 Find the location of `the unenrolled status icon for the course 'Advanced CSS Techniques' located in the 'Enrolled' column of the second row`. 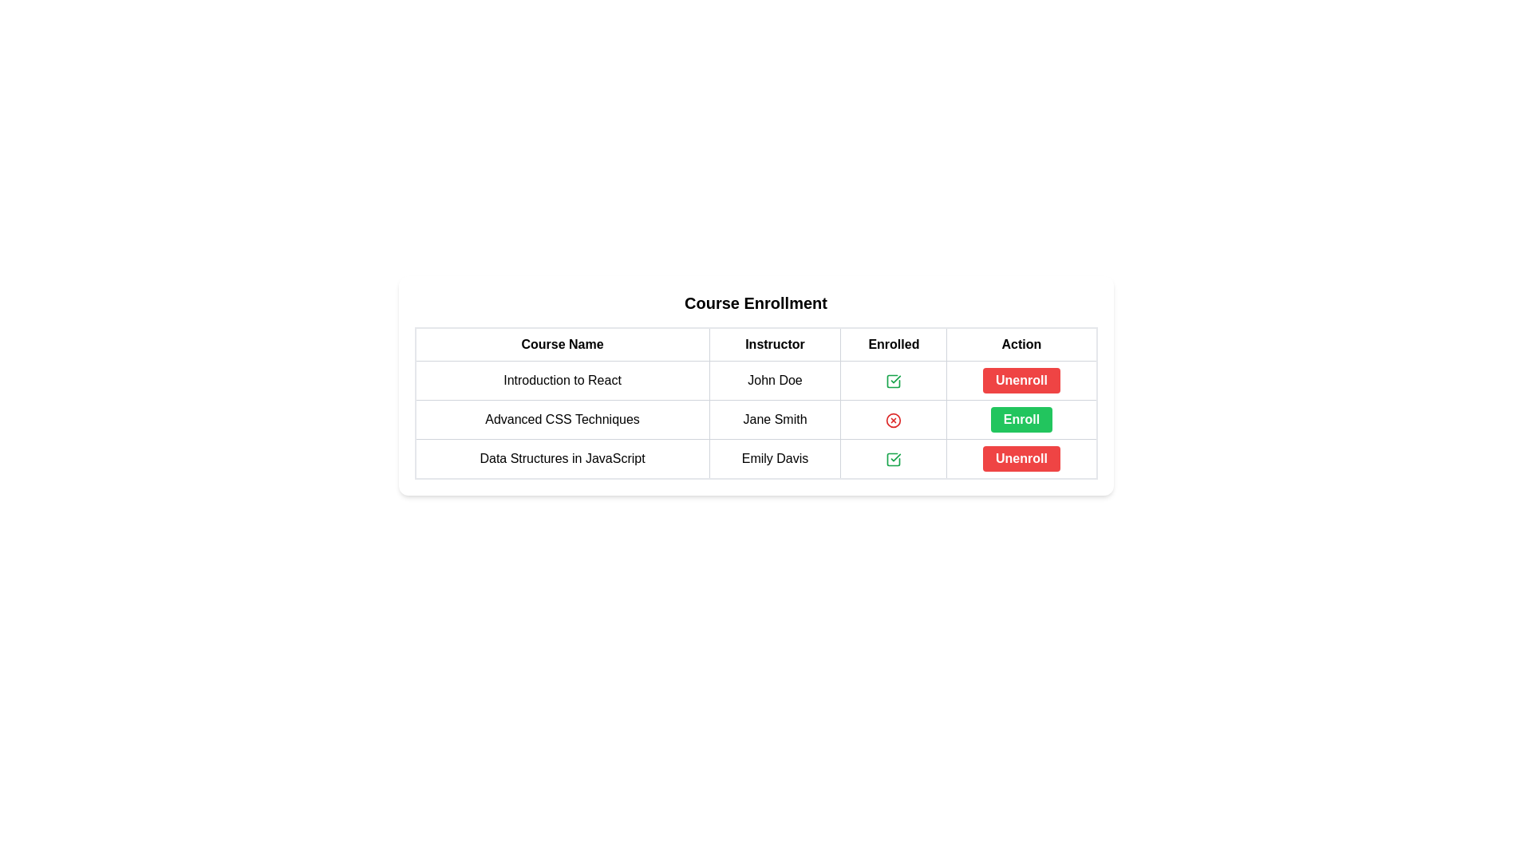

the unenrolled status icon for the course 'Advanced CSS Techniques' located in the 'Enrolled' column of the second row is located at coordinates (894, 419).